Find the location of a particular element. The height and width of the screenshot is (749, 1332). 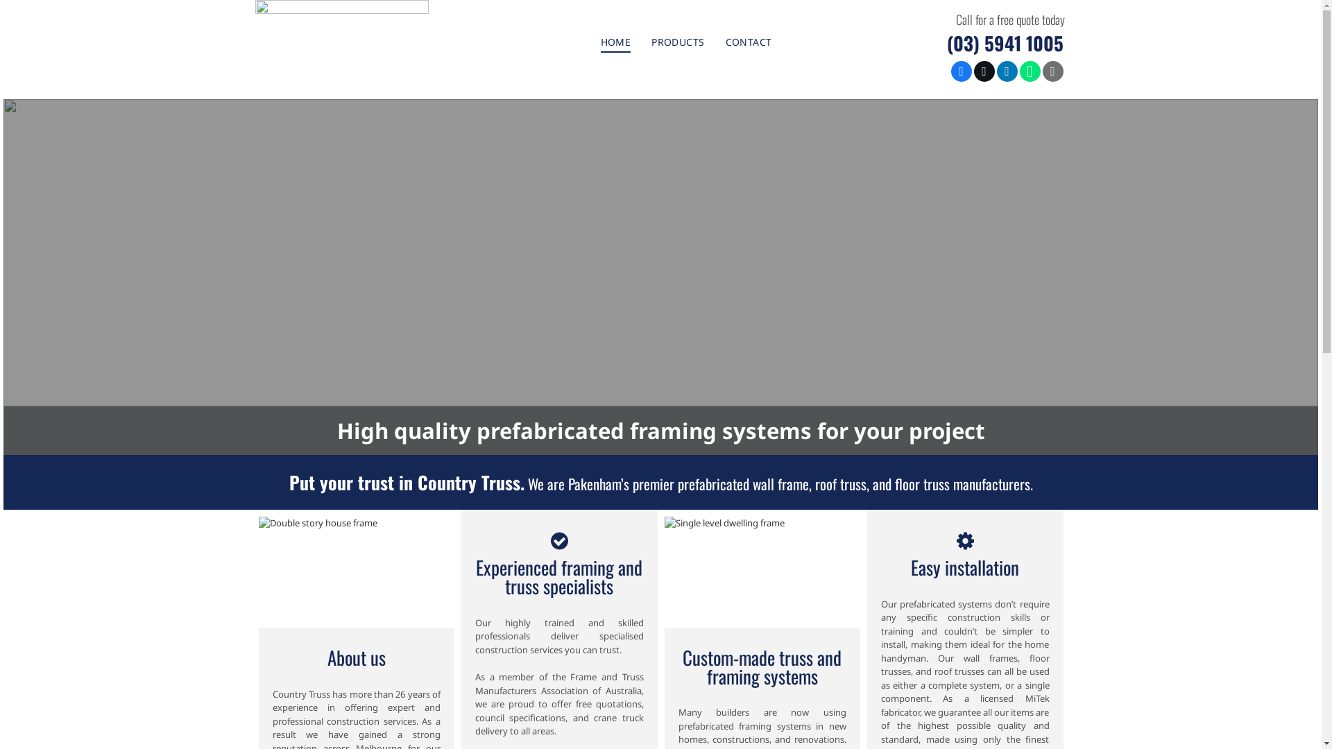

'CONTACT' is located at coordinates (715, 41).